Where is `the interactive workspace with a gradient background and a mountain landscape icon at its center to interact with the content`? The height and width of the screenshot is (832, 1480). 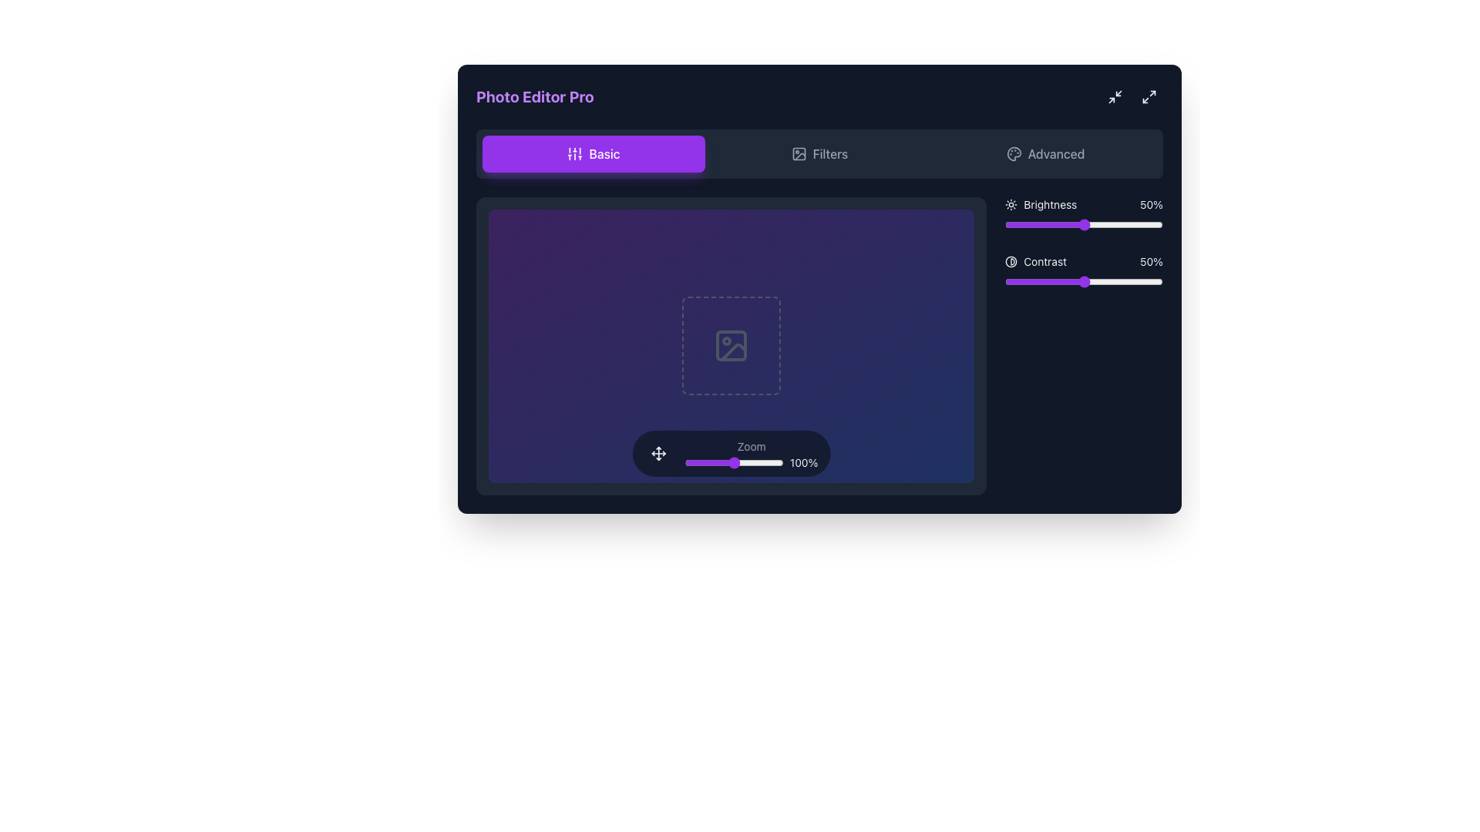 the interactive workspace with a gradient background and a mountain landscape icon at its center to interact with the content is located at coordinates (731, 345).